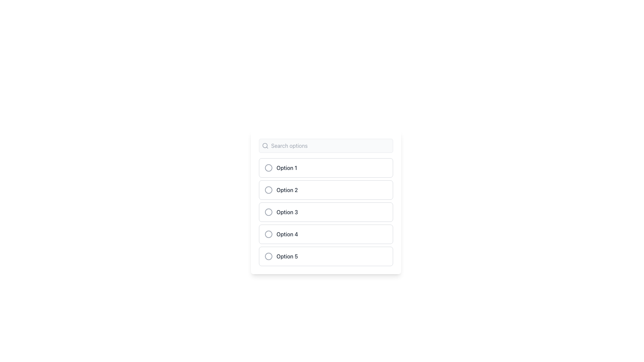 The height and width of the screenshot is (362, 644). I want to click on the third radio button option in the vertically stacked list, so click(326, 212).